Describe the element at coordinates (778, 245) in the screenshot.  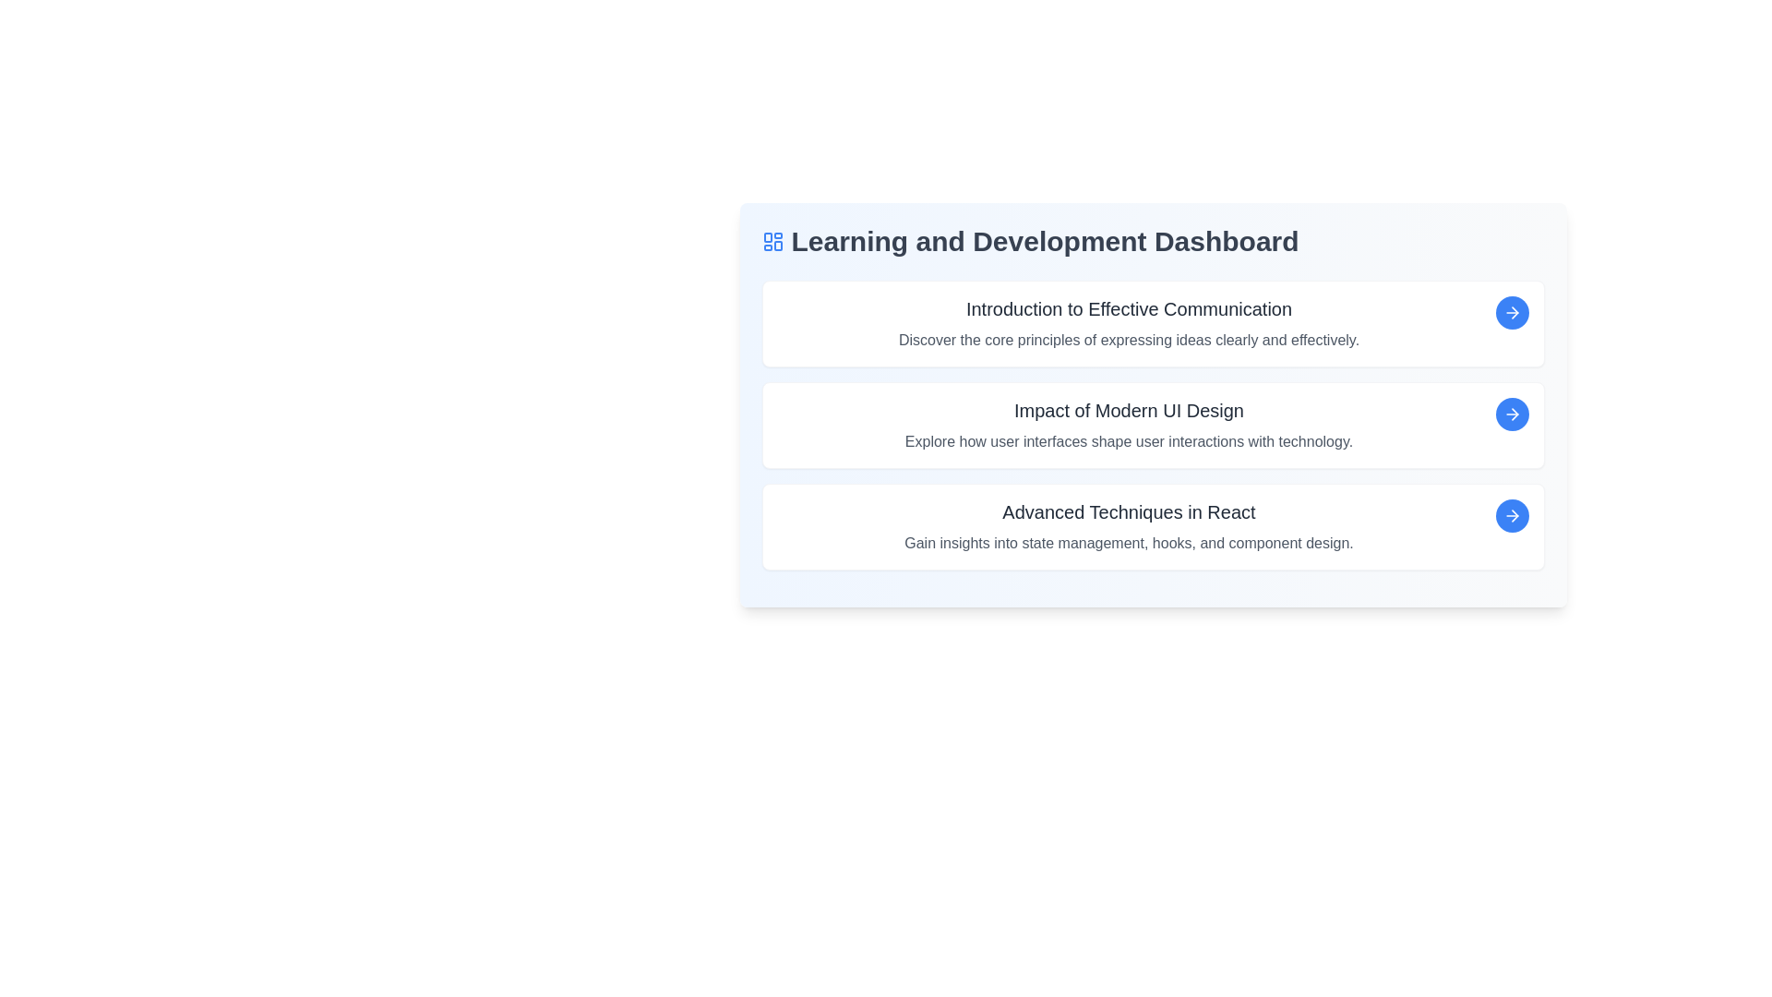
I see `the third rectangle in the SVG group representing the dashboard icon, located in the bottom-right quadrant` at that location.